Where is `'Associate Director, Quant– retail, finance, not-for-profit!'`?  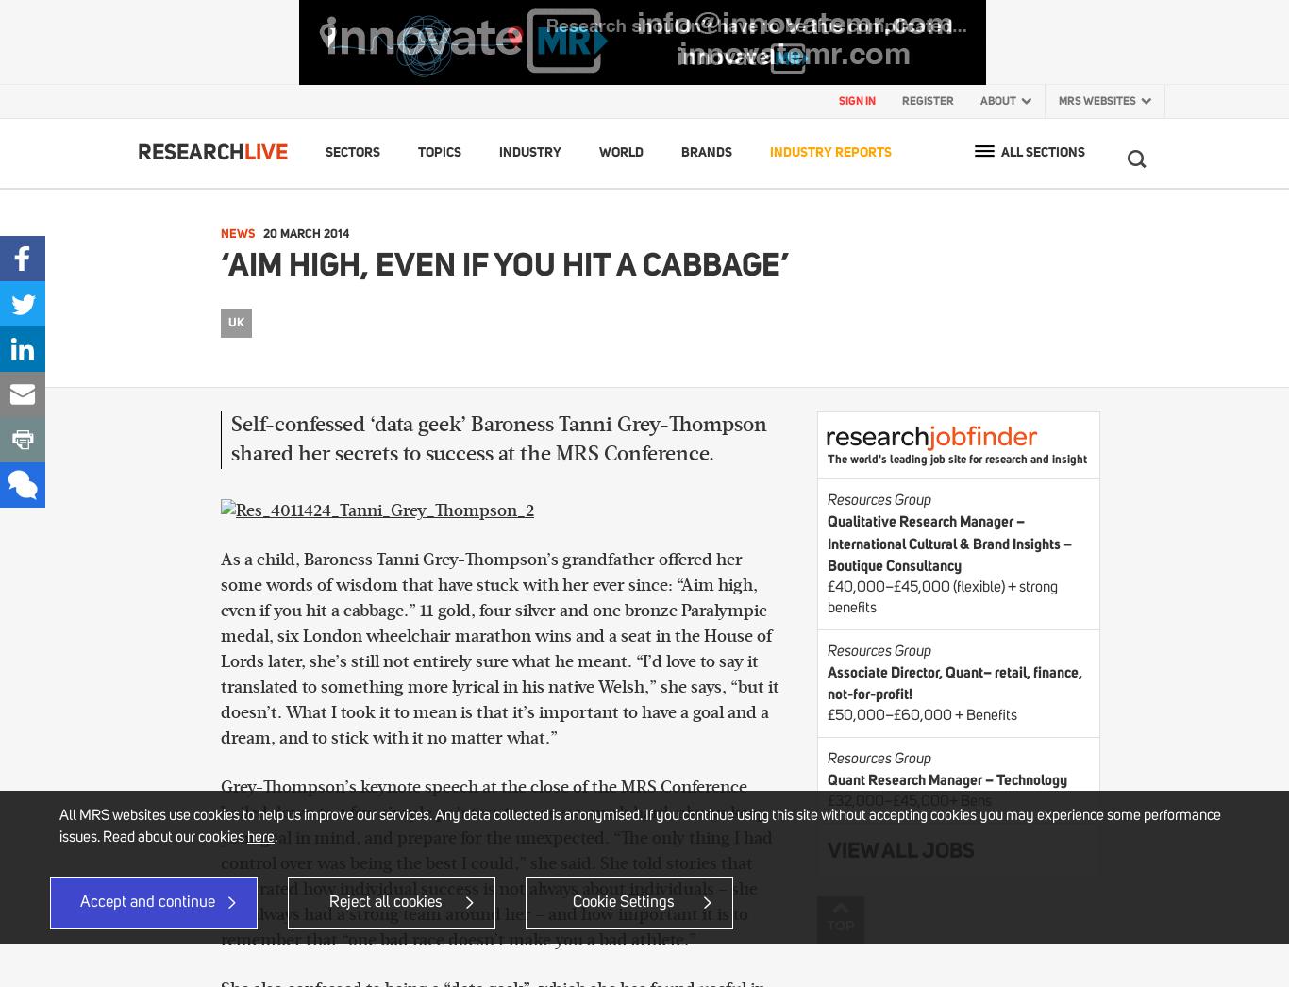 'Associate Director, Quant– retail, finance, not-for-profit!' is located at coordinates (954, 683).